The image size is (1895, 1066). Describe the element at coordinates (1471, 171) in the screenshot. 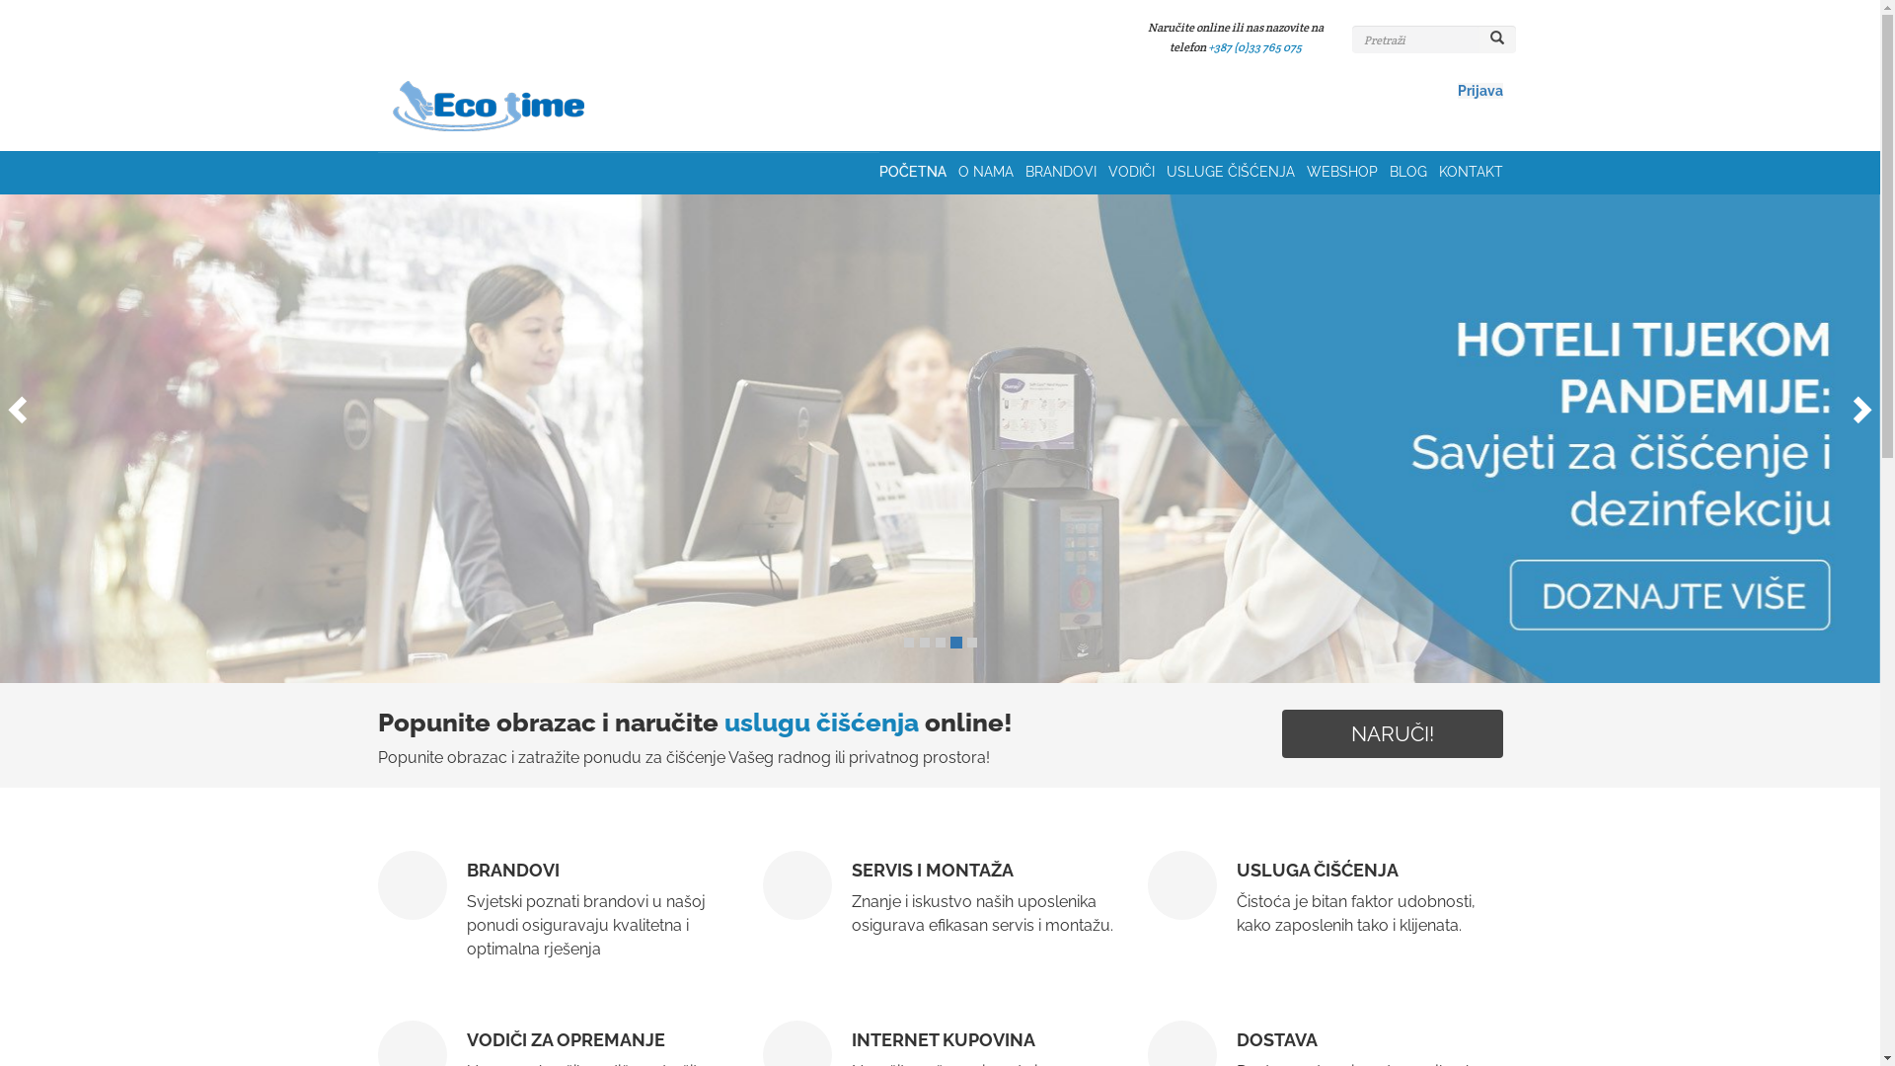

I see `'KONTAKT'` at that location.